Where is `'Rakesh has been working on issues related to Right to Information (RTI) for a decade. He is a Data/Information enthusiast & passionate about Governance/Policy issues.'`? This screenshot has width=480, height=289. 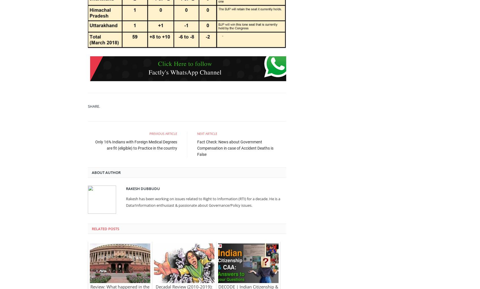
'Rakesh has been working on issues related to Right to Information (RTI) for a decade. He is a Data/Information enthusiast & passionate about Governance/Policy issues.' is located at coordinates (202, 202).